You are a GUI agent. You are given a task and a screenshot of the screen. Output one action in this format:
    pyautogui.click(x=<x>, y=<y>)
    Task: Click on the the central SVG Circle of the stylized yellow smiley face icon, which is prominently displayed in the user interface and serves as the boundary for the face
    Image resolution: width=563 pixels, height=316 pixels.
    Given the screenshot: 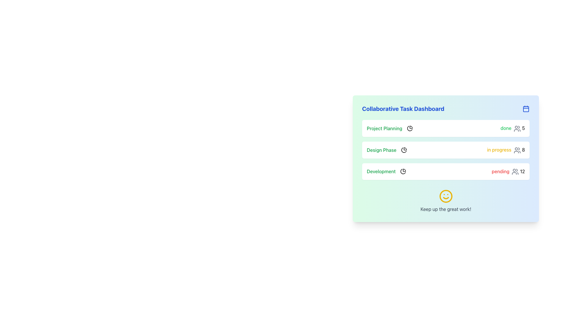 What is the action you would take?
    pyautogui.click(x=446, y=196)
    